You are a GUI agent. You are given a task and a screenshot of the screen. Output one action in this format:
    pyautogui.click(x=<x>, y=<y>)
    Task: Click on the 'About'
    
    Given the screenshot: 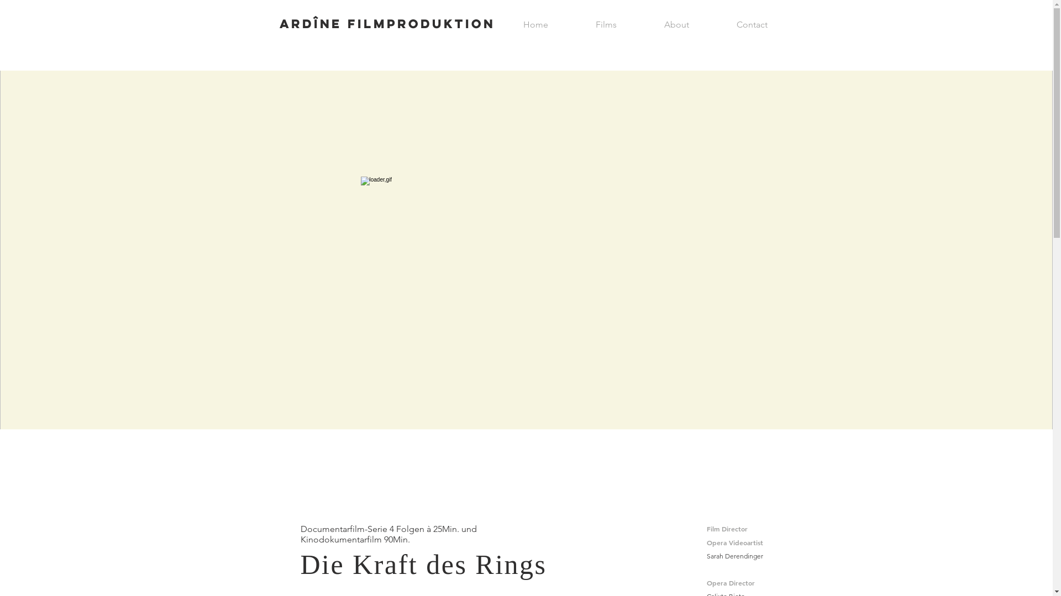 What is the action you would take?
    pyautogui.click(x=675, y=24)
    